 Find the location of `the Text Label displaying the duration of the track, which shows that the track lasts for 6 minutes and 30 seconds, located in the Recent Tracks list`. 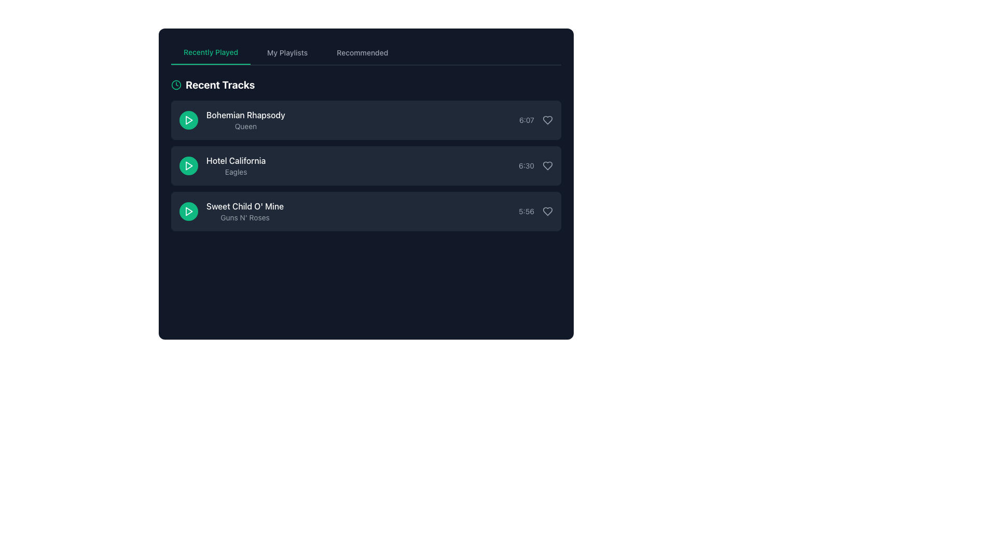

the Text Label displaying the duration of the track, which shows that the track lasts for 6 minutes and 30 seconds, located in the Recent Tracks list is located at coordinates (526, 165).